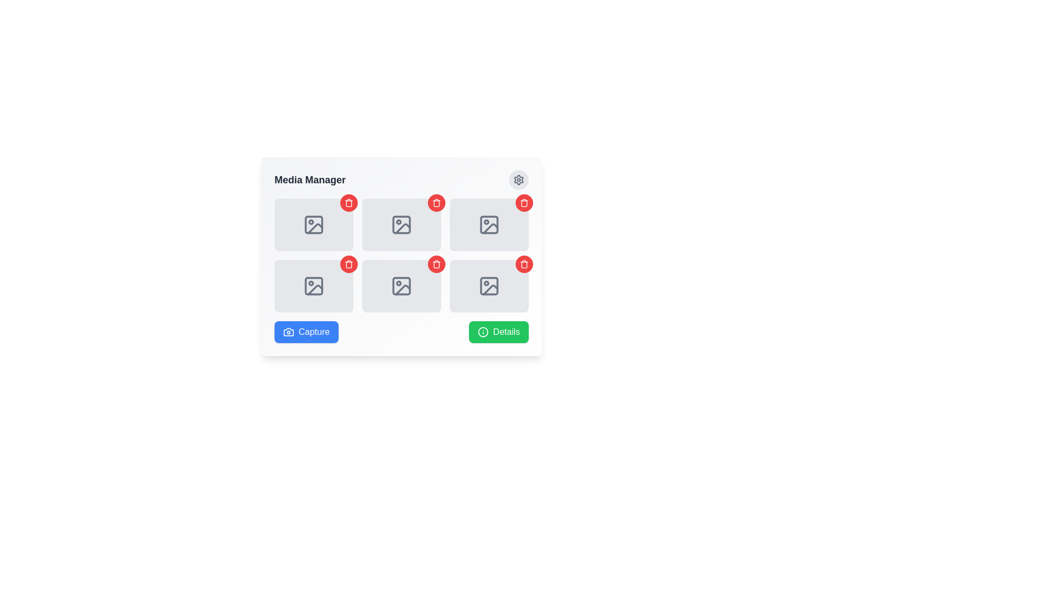 The height and width of the screenshot is (591, 1052). Describe the element at coordinates (483, 331) in the screenshot. I see `the informational icon within the 'Details' button` at that location.